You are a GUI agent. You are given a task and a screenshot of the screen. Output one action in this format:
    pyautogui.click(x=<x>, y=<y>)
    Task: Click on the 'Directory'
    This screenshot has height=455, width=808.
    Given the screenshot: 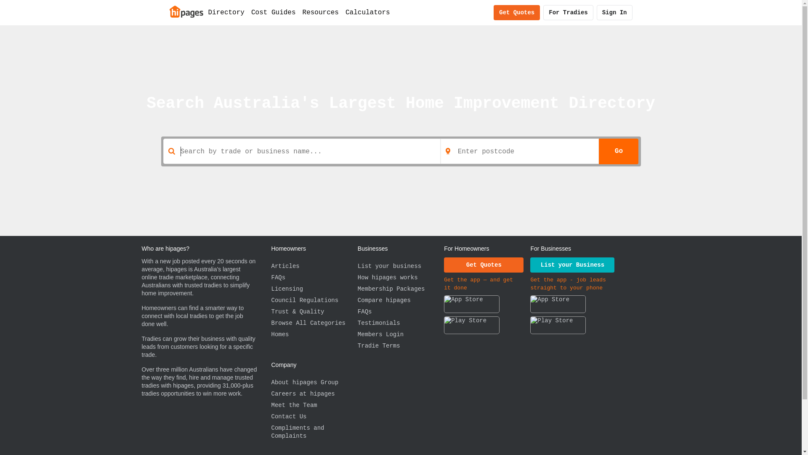 What is the action you would take?
    pyautogui.click(x=226, y=13)
    